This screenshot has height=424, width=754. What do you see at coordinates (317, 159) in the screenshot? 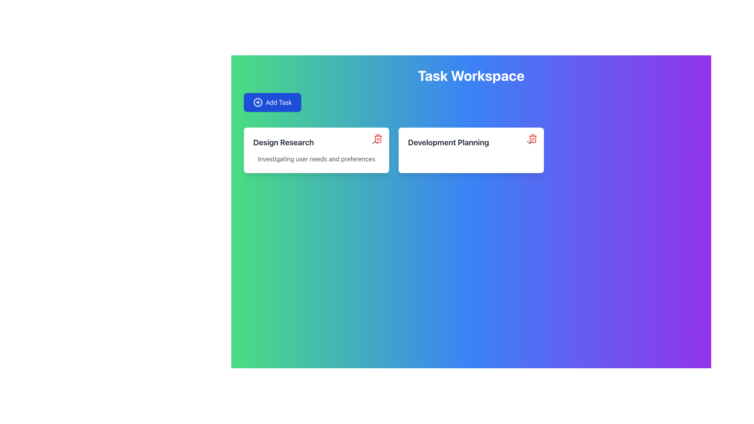
I see `the text label displaying 'Investigating user needs and preferences' within the card labeled 'Design Research'` at bounding box center [317, 159].